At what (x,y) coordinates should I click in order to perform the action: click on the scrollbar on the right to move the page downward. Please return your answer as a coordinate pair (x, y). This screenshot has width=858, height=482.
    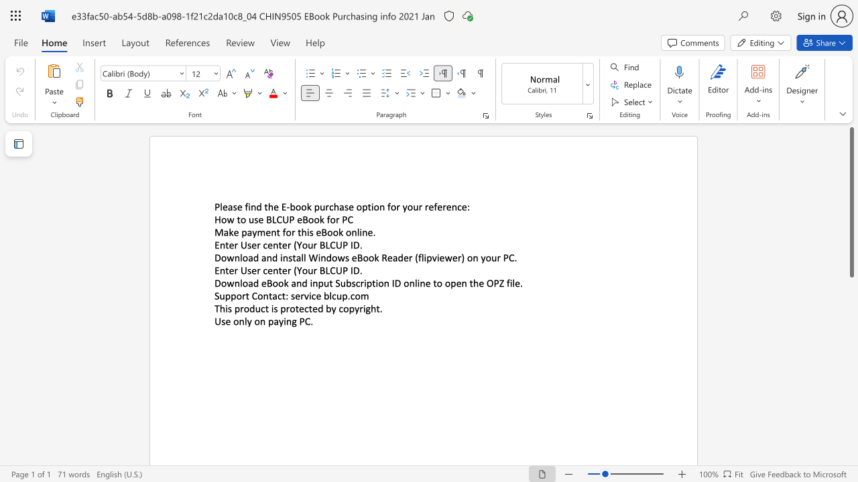
    Looking at the image, I should click on (851, 428).